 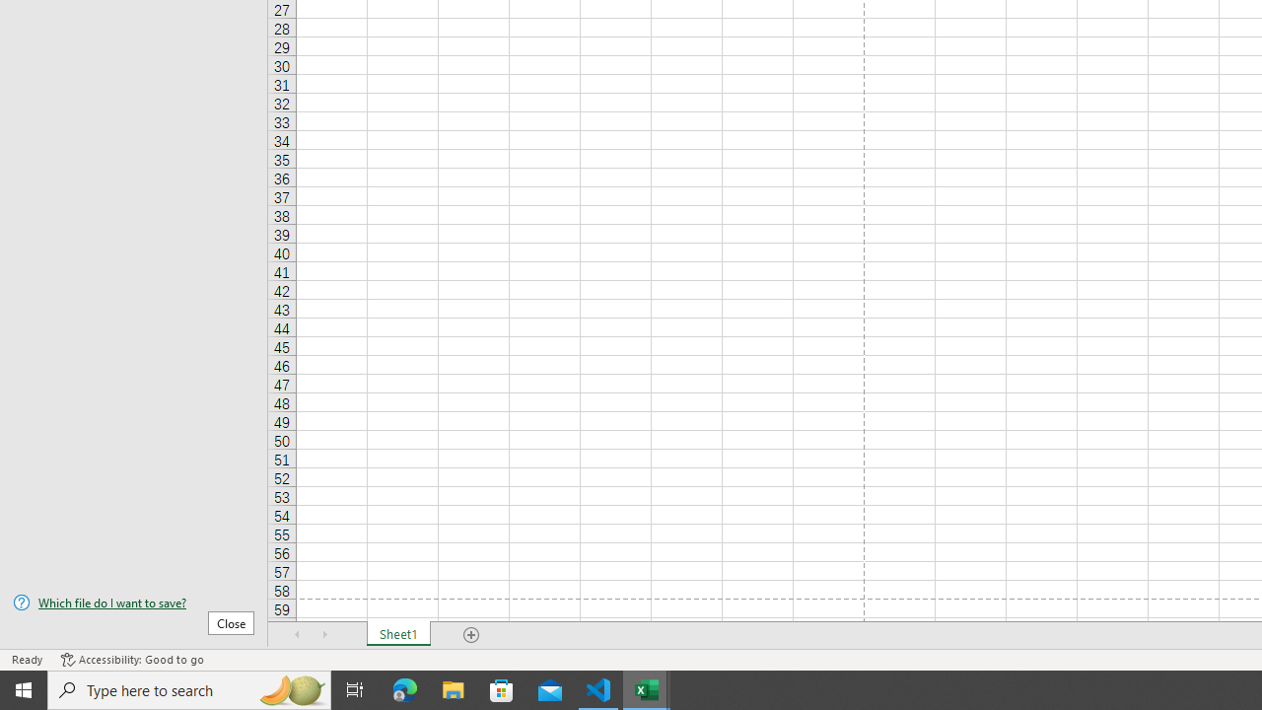 What do you see at coordinates (133, 602) in the screenshot?
I see `'Which file do I want to save?'` at bounding box center [133, 602].